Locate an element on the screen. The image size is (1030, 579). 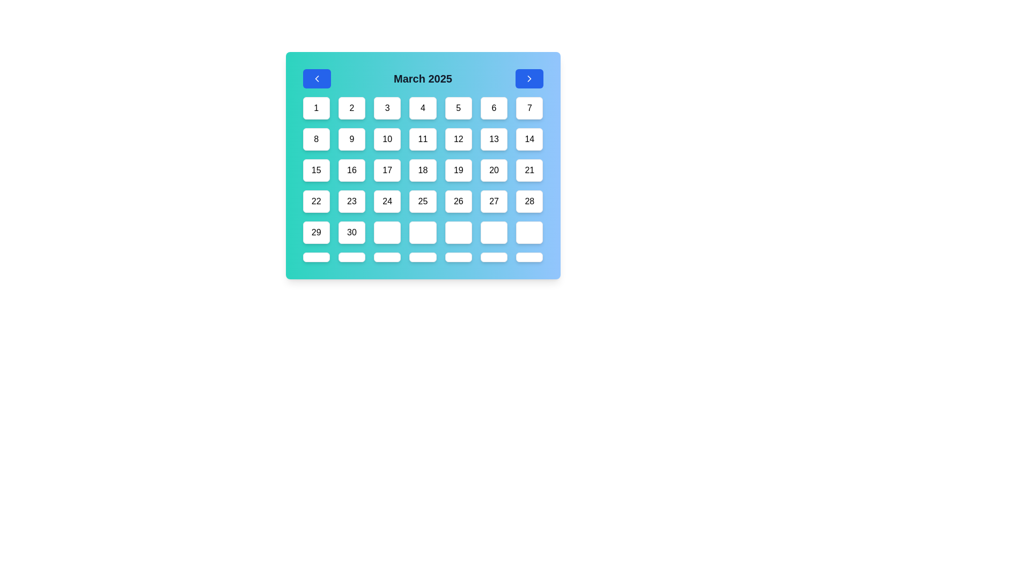
the leftward triangular-shaped icon embedded in the blue circular button is located at coordinates (316, 78).